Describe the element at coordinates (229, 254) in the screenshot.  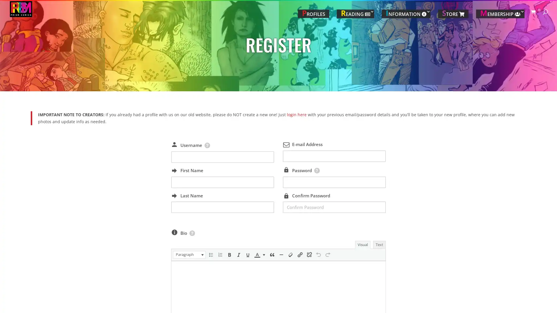
I see `Bold (B)` at that location.